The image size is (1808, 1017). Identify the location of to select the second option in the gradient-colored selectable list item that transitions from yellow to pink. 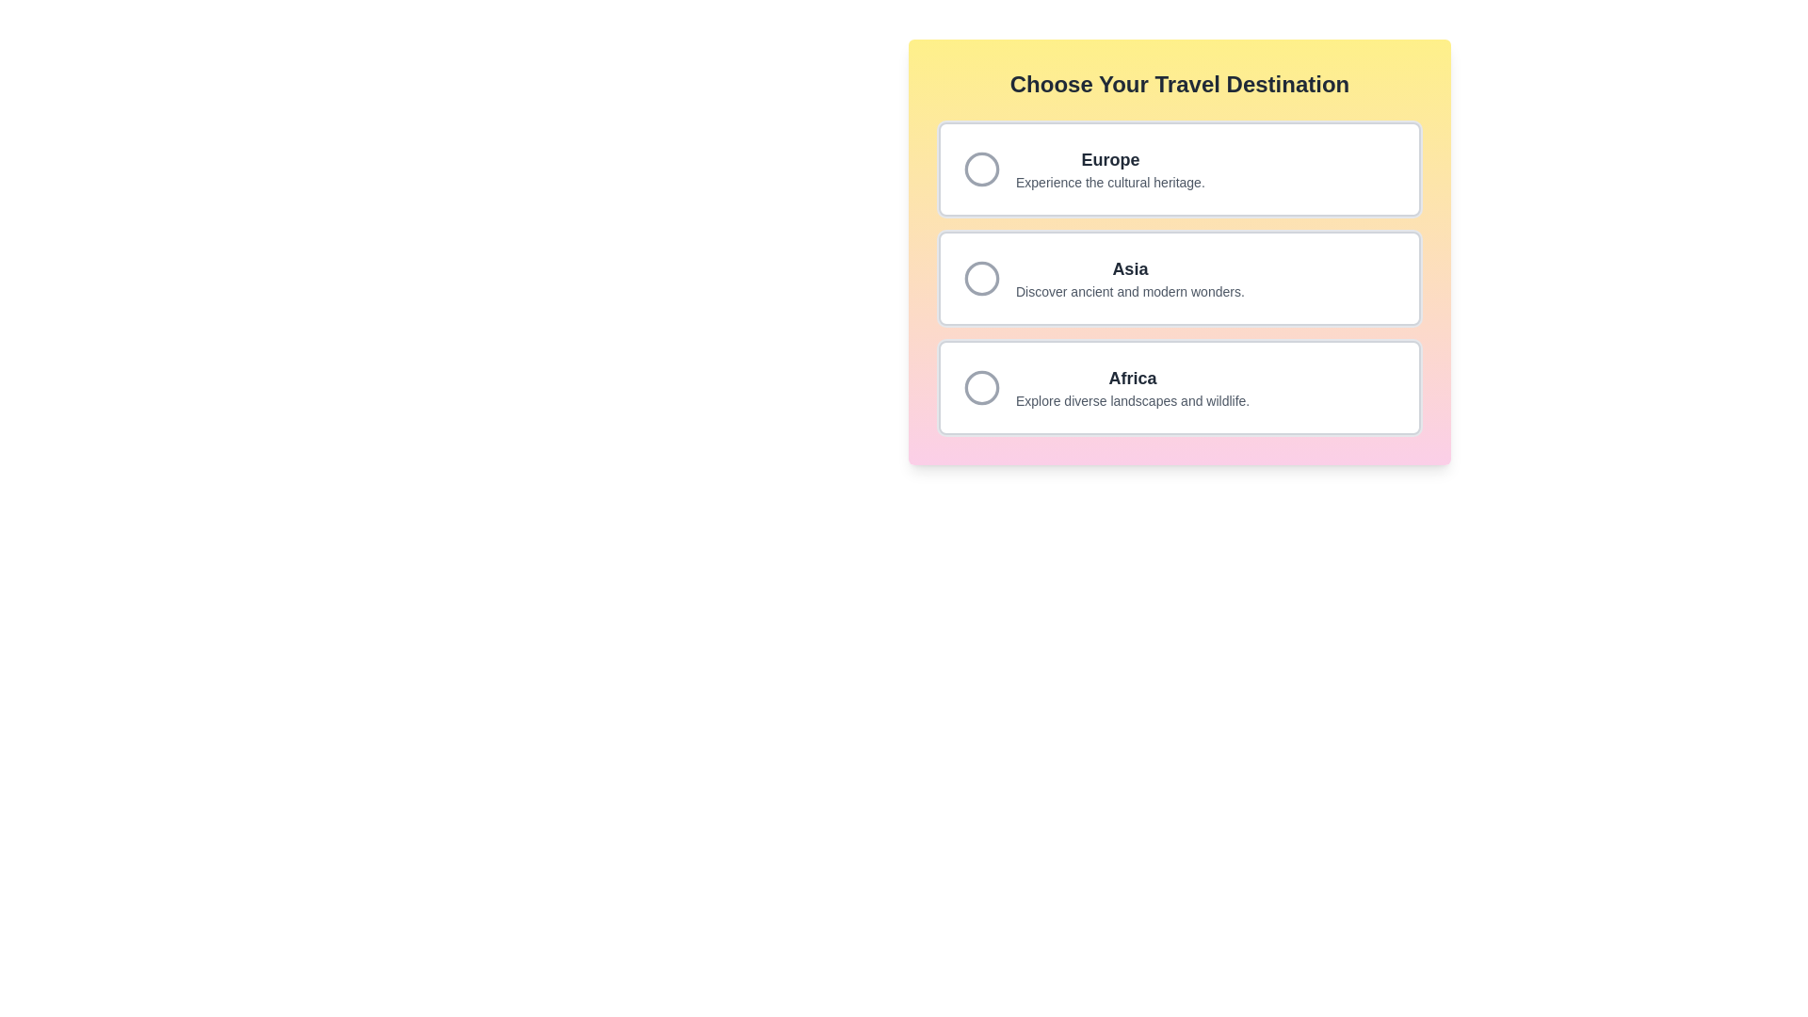
(1178, 250).